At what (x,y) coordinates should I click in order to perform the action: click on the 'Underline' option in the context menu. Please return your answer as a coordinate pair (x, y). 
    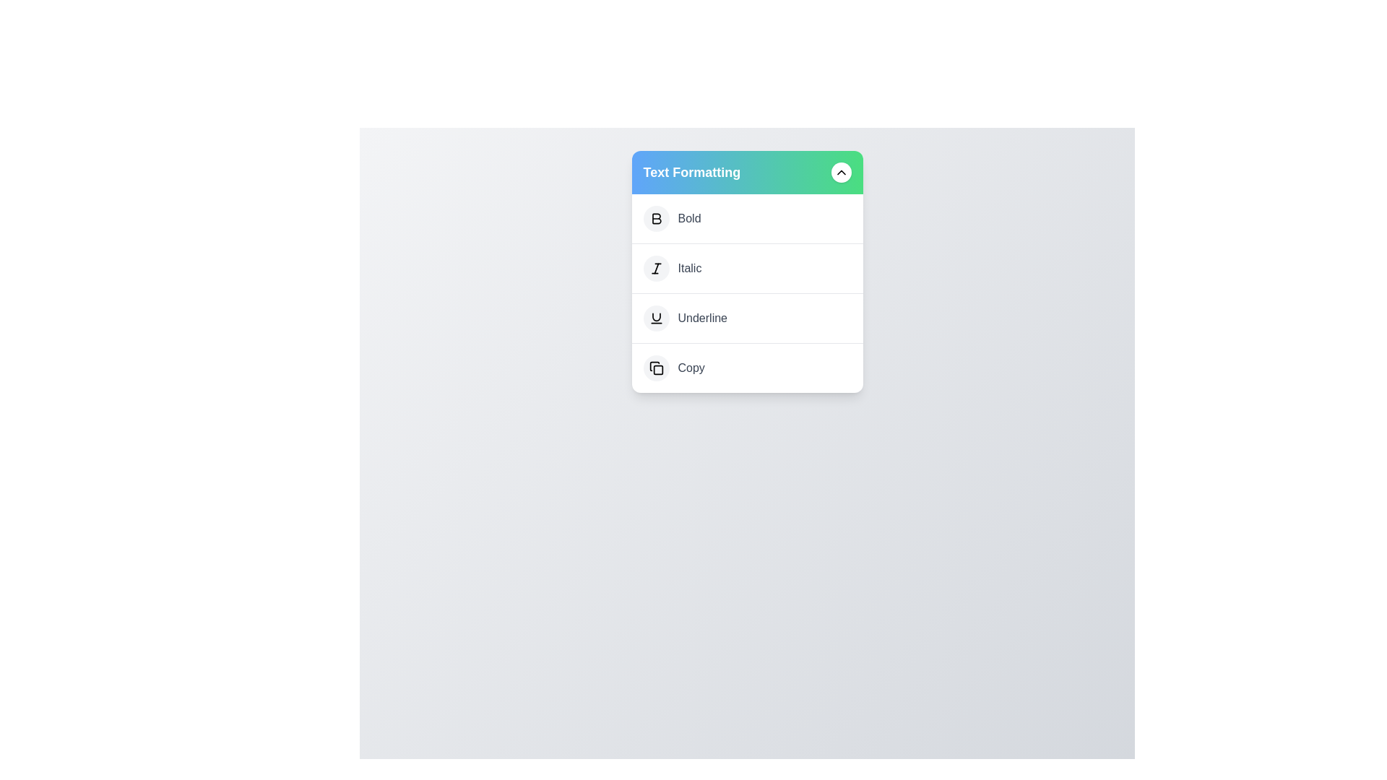
    Looking at the image, I should click on (747, 317).